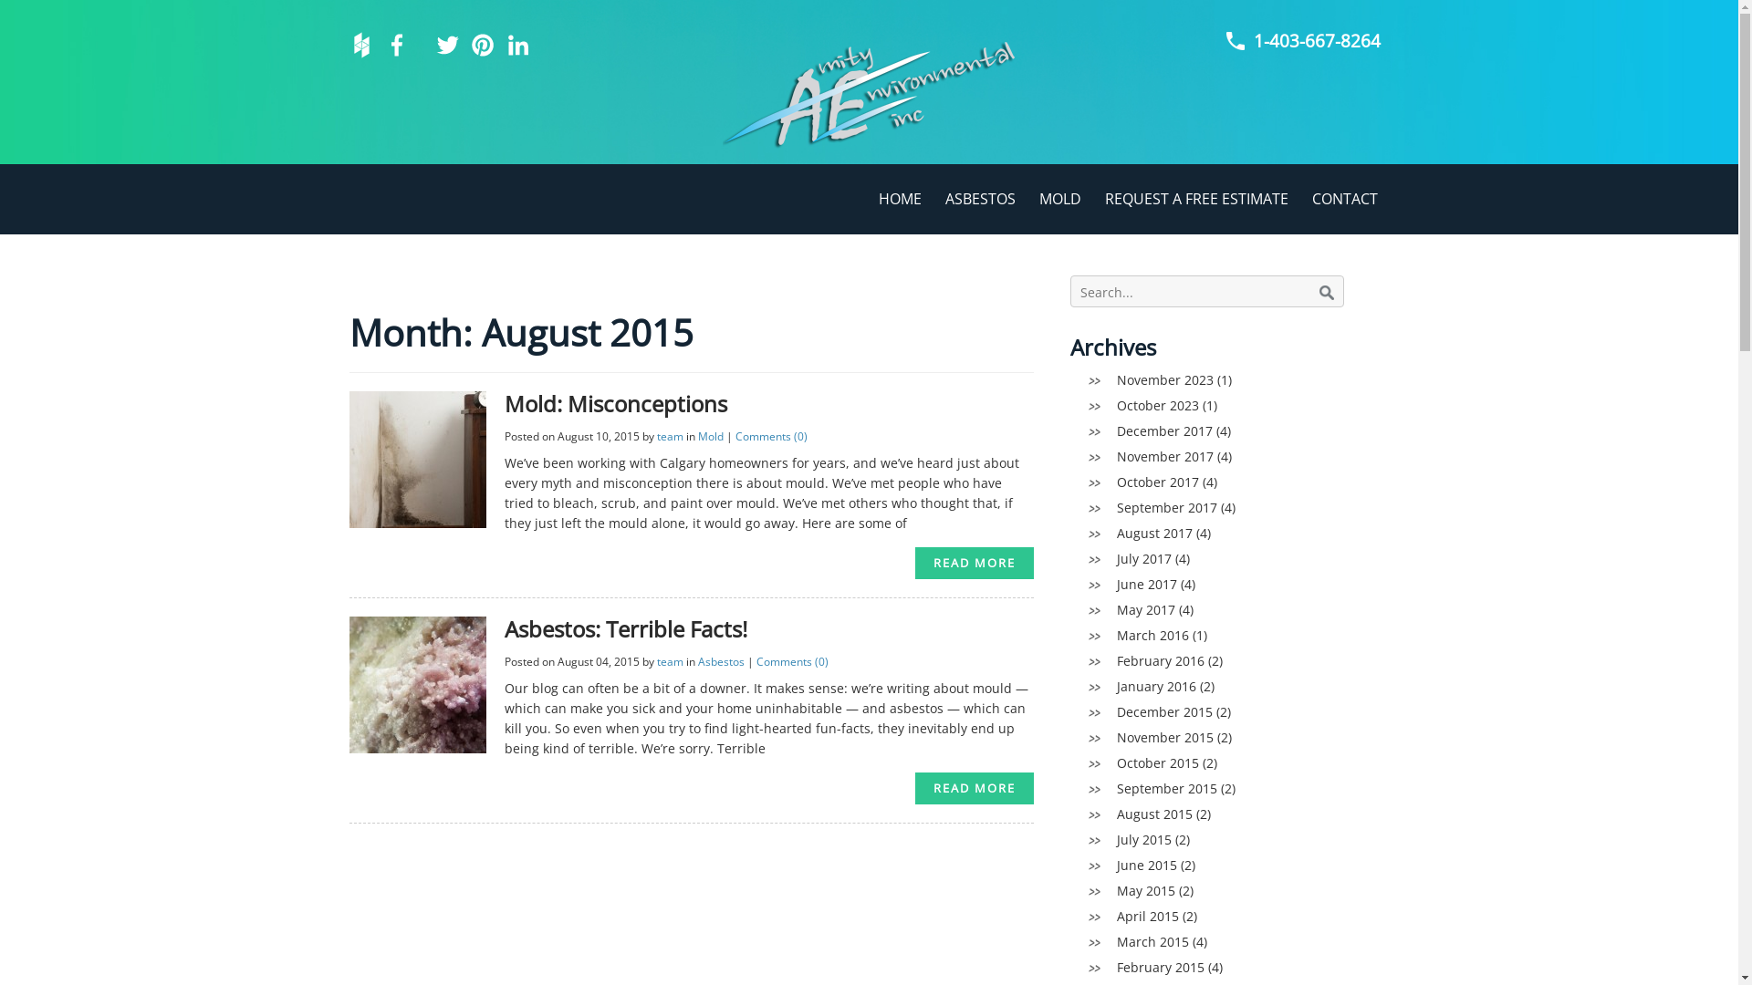 The width and height of the screenshot is (1752, 985). Describe the element at coordinates (1152, 941) in the screenshot. I see `'March 2015'` at that location.